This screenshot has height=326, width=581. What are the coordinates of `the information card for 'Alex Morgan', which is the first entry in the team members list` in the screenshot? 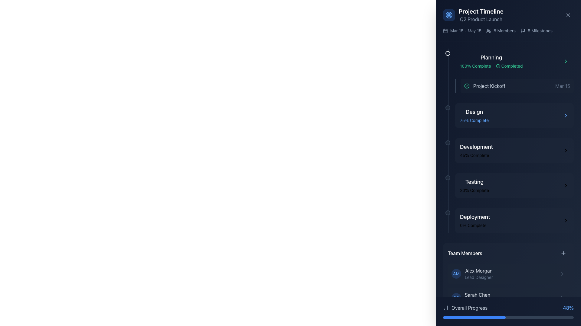 It's located at (508, 273).